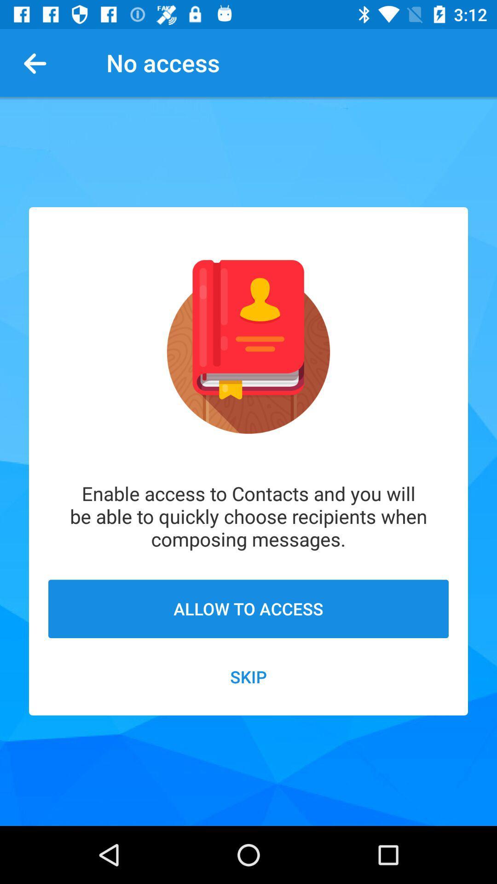 This screenshot has height=884, width=497. I want to click on skip icon, so click(248, 676).